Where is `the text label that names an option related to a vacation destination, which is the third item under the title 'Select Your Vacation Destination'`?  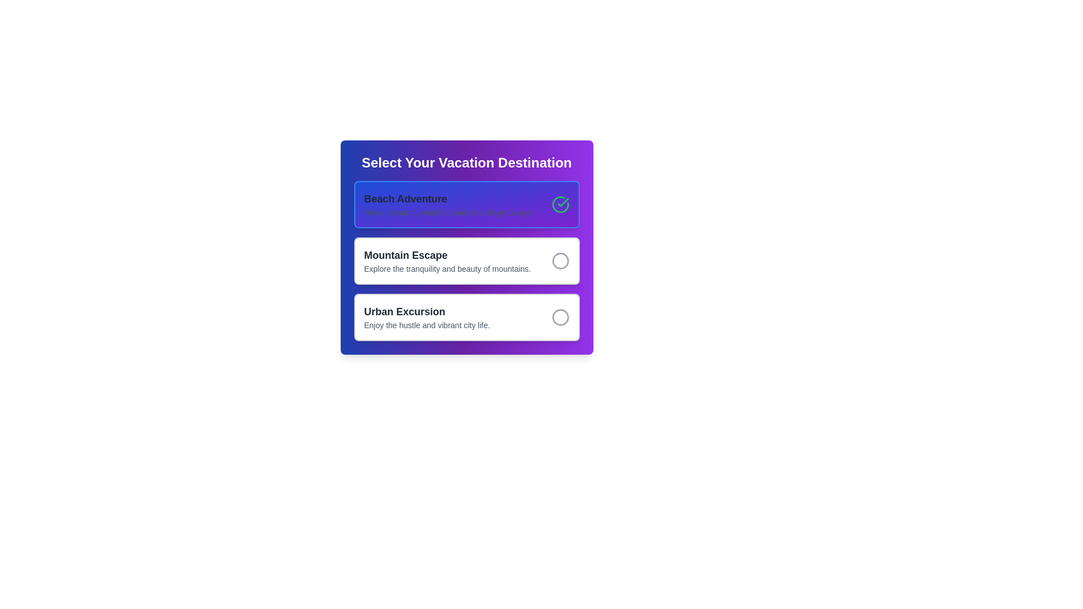 the text label that names an option related to a vacation destination, which is the third item under the title 'Select Your Vacation Destination' is located at coordinates (426, 311).